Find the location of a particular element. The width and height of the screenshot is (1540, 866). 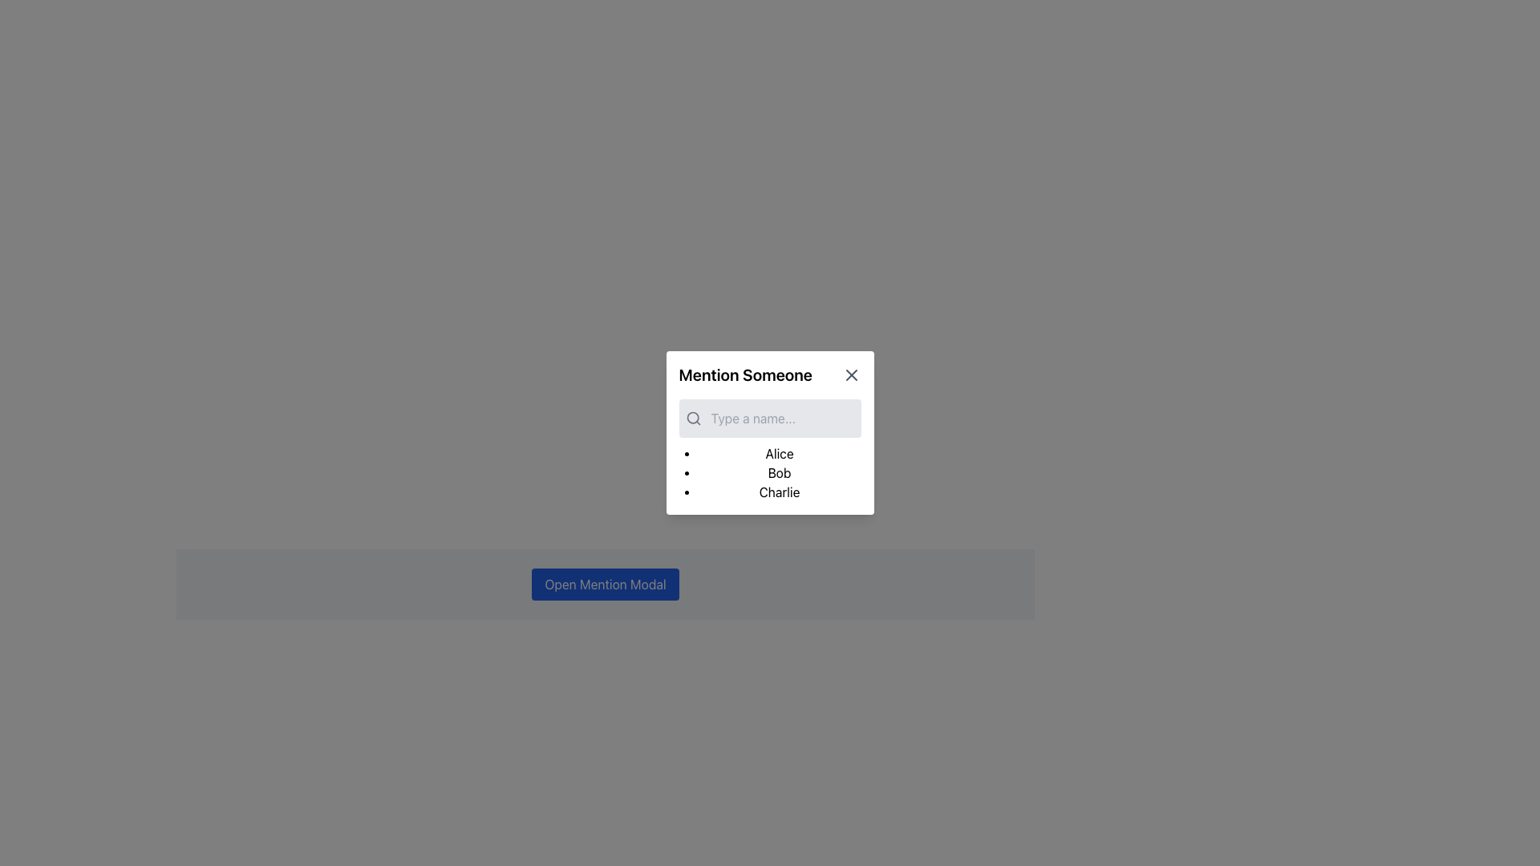

the 'Mention Someone' text label, which is a bold header located at the top-left section of a white rectangular modal is located at coordinates (744, 374).